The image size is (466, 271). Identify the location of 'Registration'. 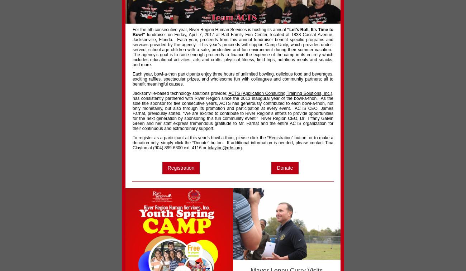
(167, 167).